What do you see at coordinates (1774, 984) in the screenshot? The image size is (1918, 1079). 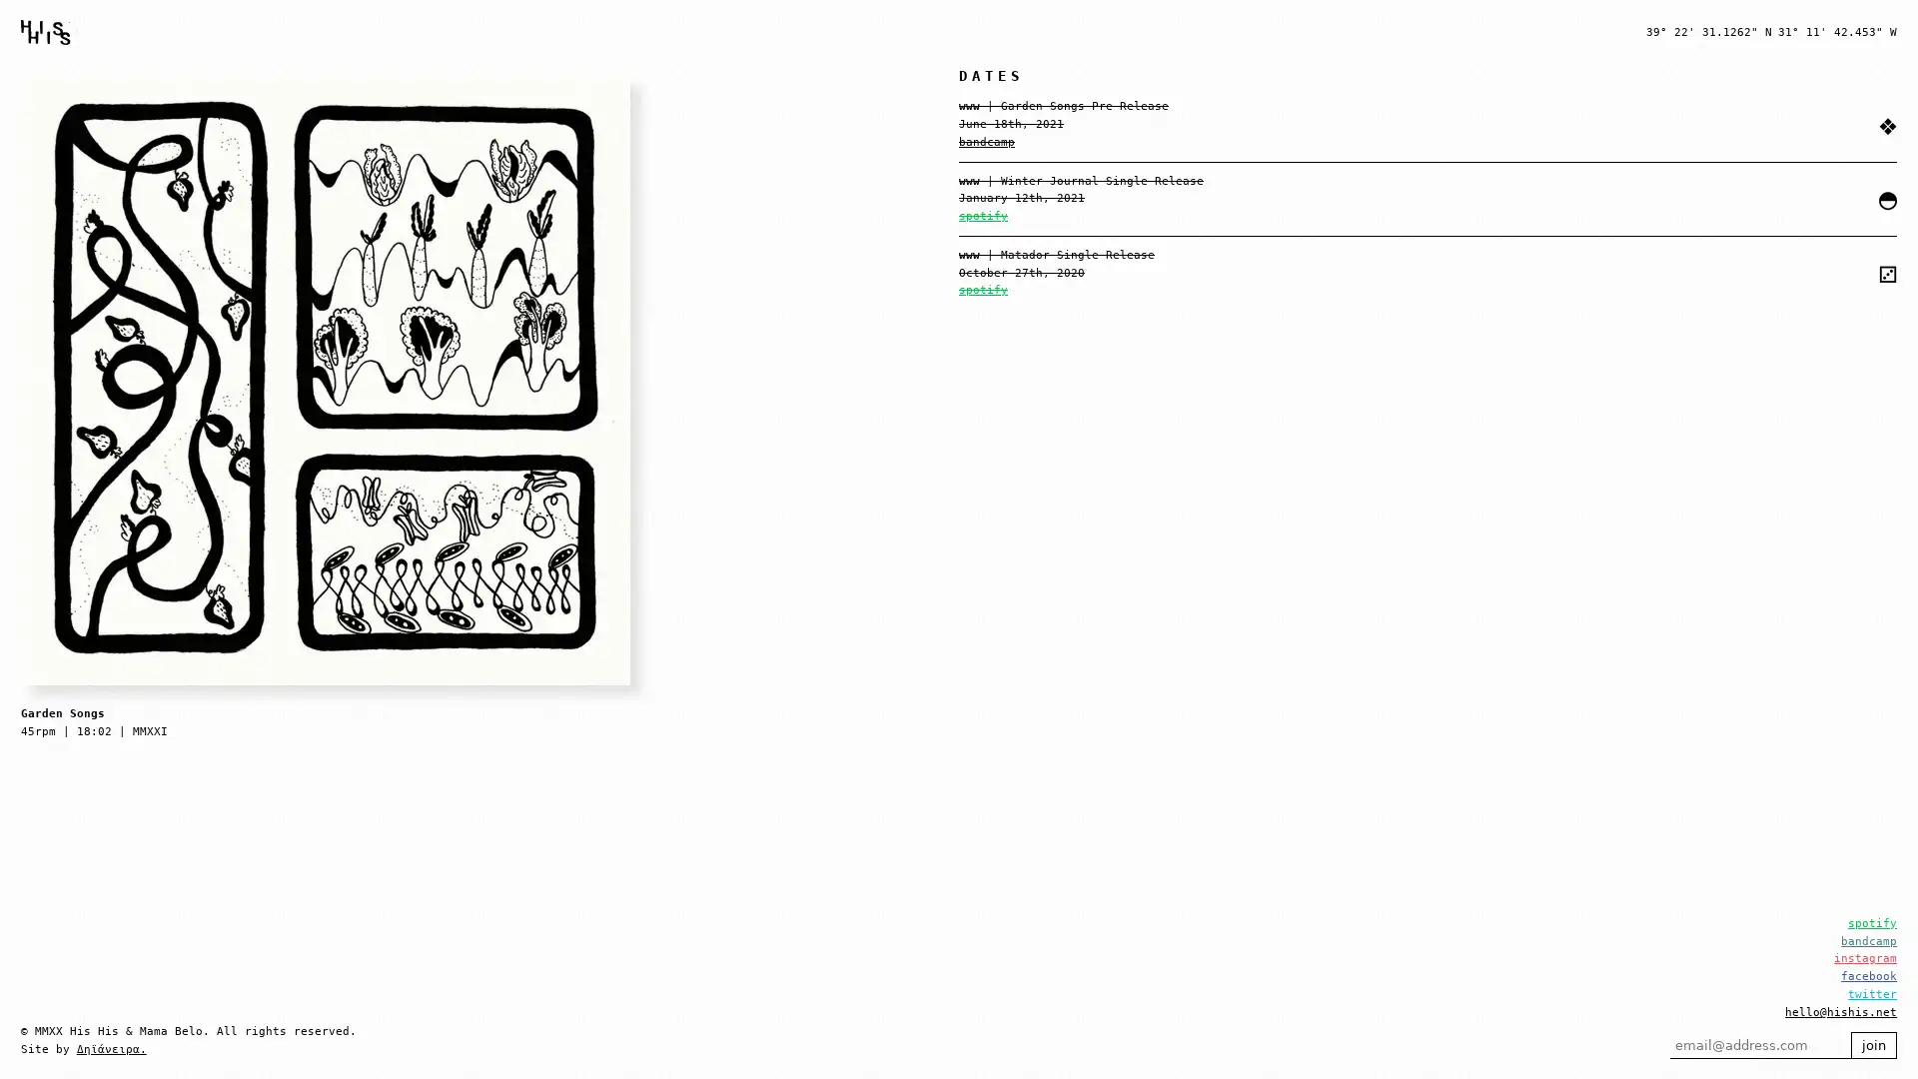 I see `join` at bounding box center [1774, 984].